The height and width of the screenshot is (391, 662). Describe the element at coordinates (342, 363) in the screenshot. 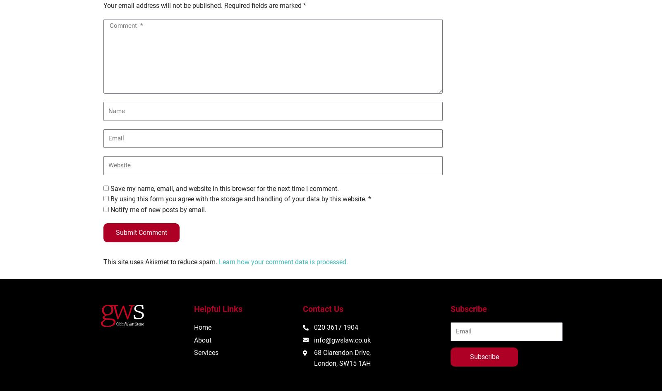

I see `'London, SW15 1AH'` at that location.